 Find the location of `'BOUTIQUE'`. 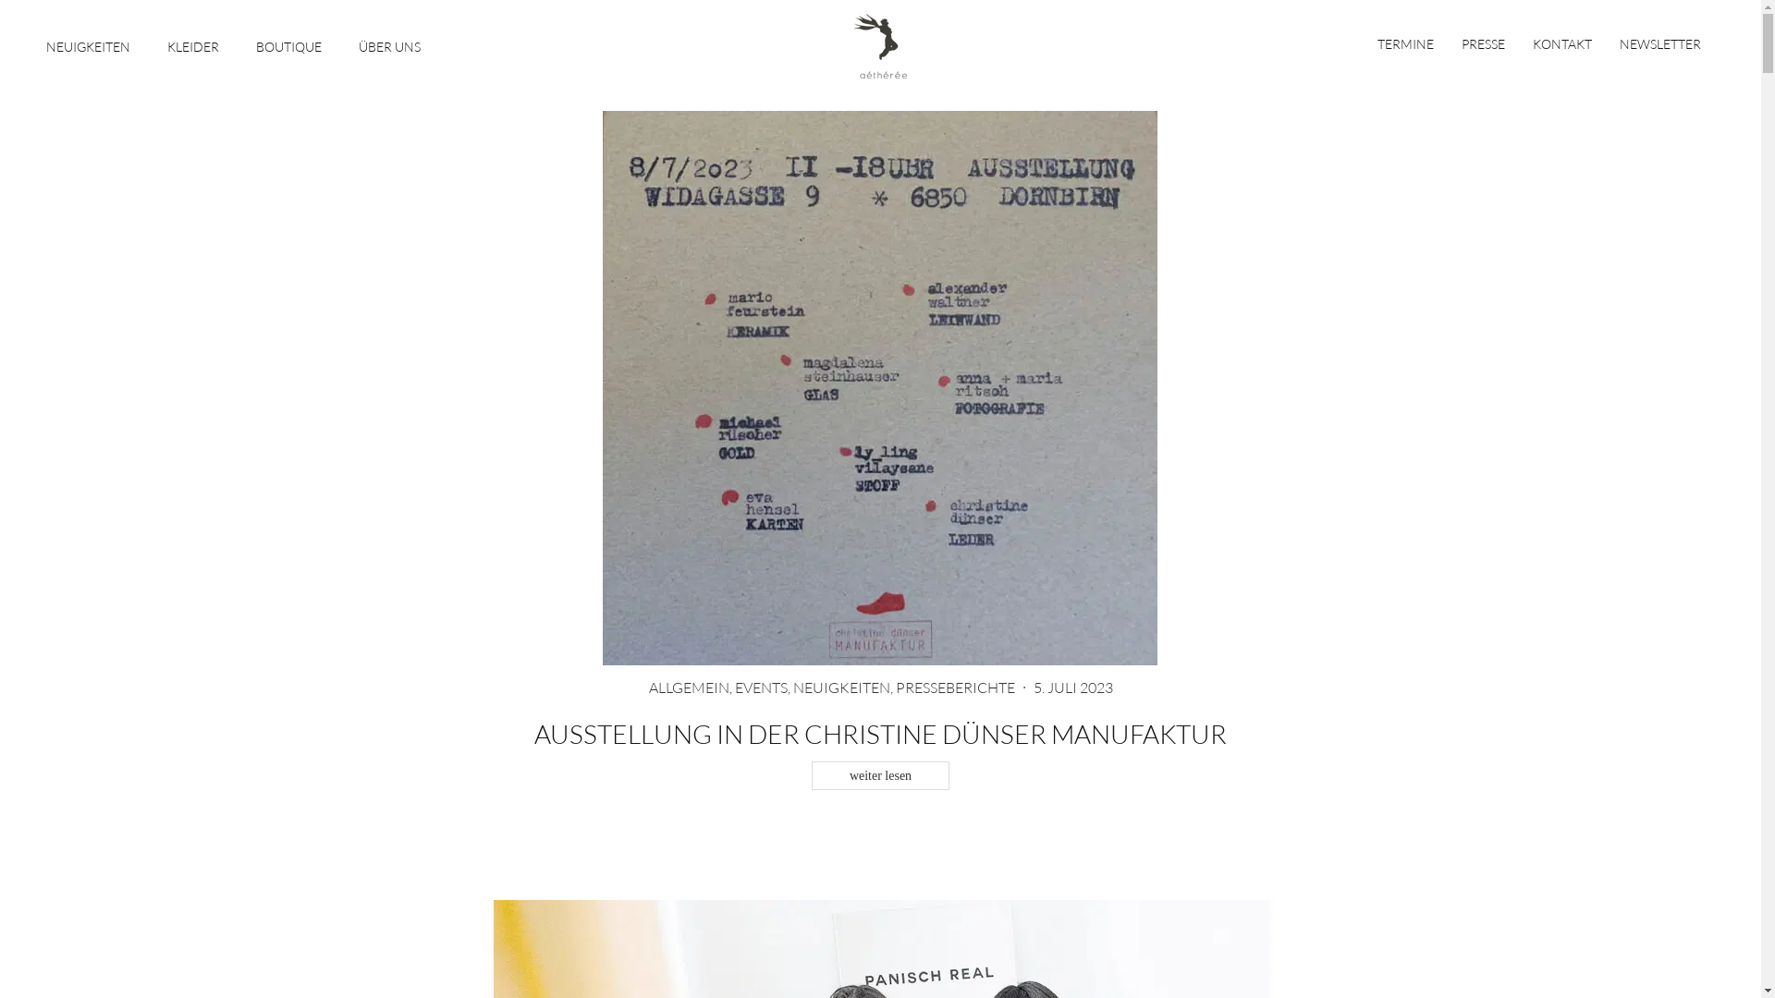

'BOUTIQUE' is located at coordinates (255, 43).